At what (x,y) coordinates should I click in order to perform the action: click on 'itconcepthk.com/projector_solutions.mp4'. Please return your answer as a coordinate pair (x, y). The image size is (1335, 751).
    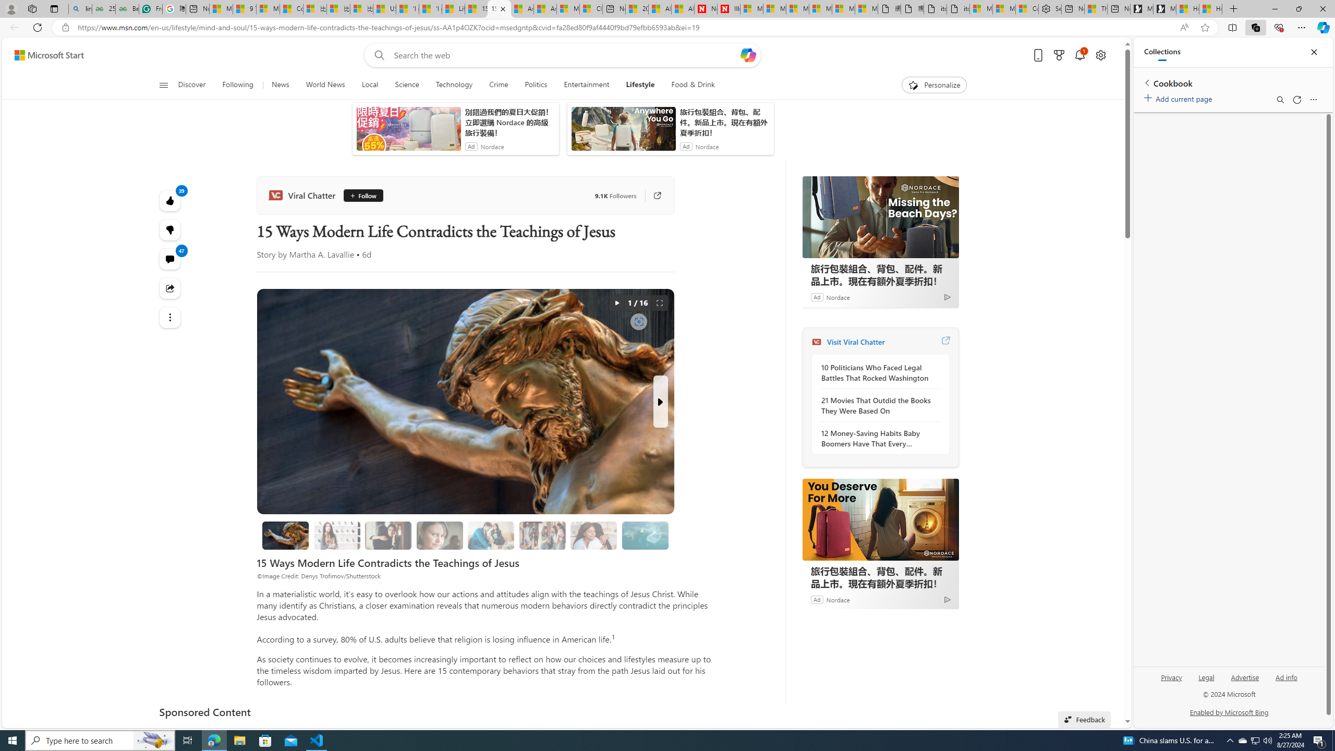
    Looking at the image, I should click on (958, 8).